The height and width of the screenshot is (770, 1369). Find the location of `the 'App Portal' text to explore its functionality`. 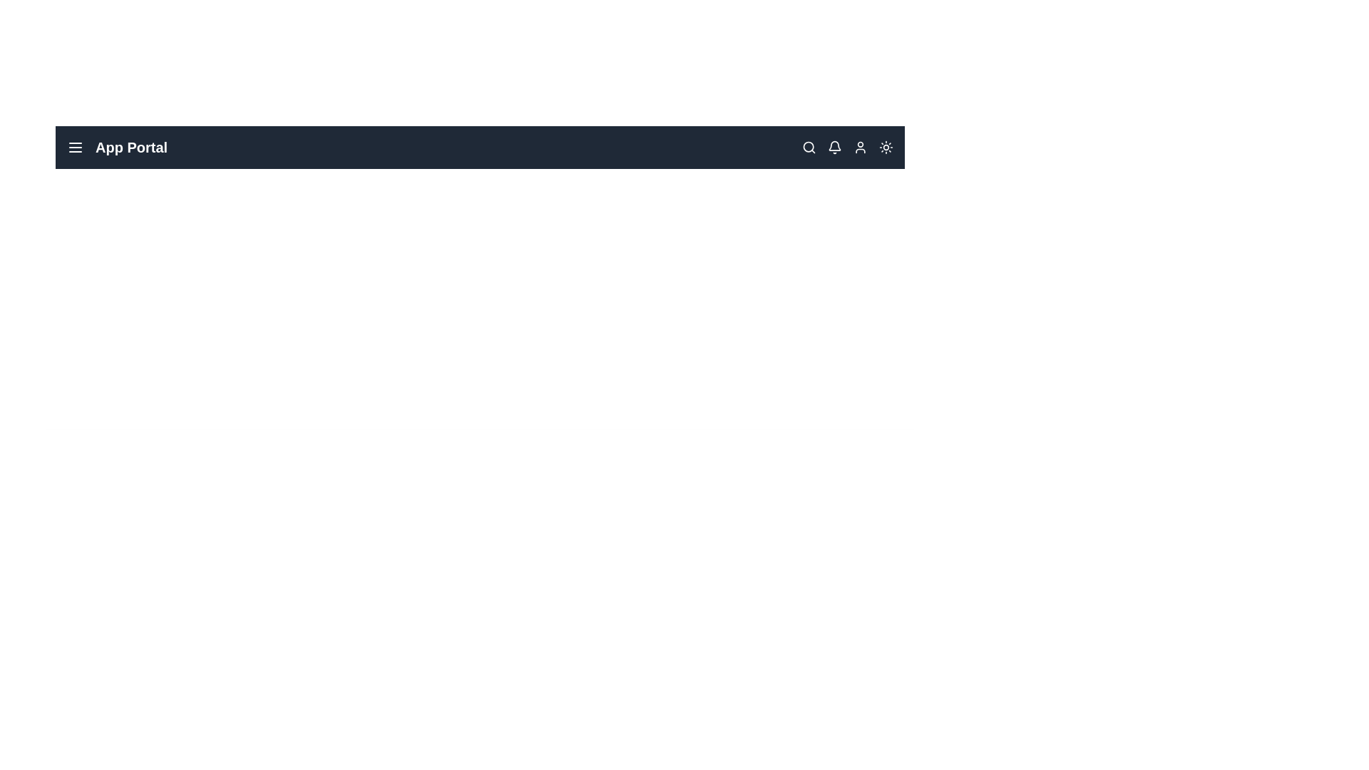

the 'App Portal' text to explore its functionality is located at coordinates (116, 148).